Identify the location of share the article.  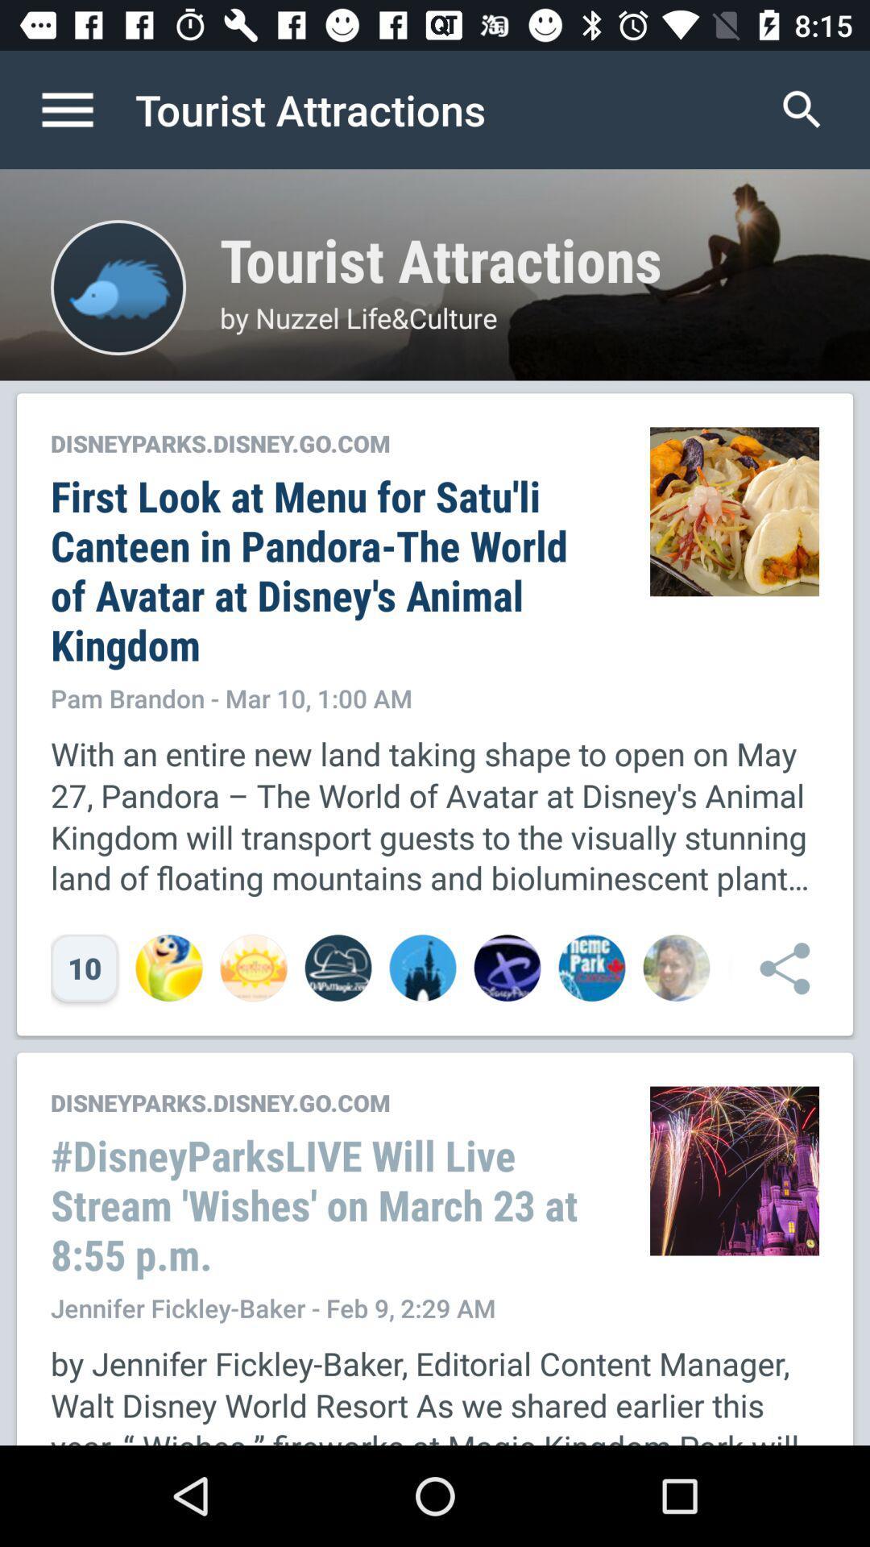
(776, 967).